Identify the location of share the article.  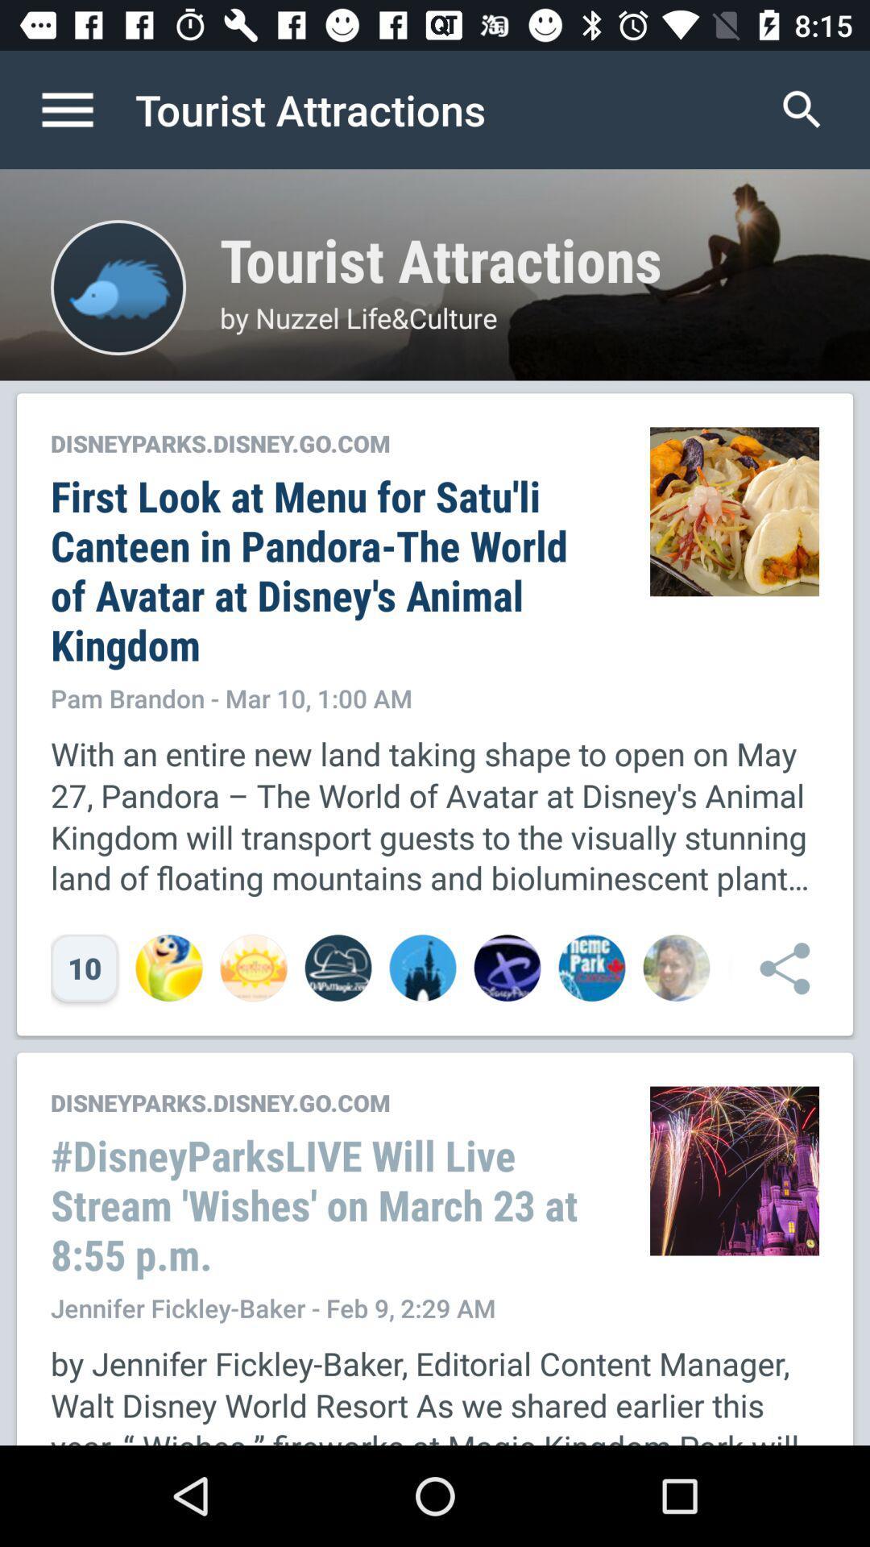
(776, 967).